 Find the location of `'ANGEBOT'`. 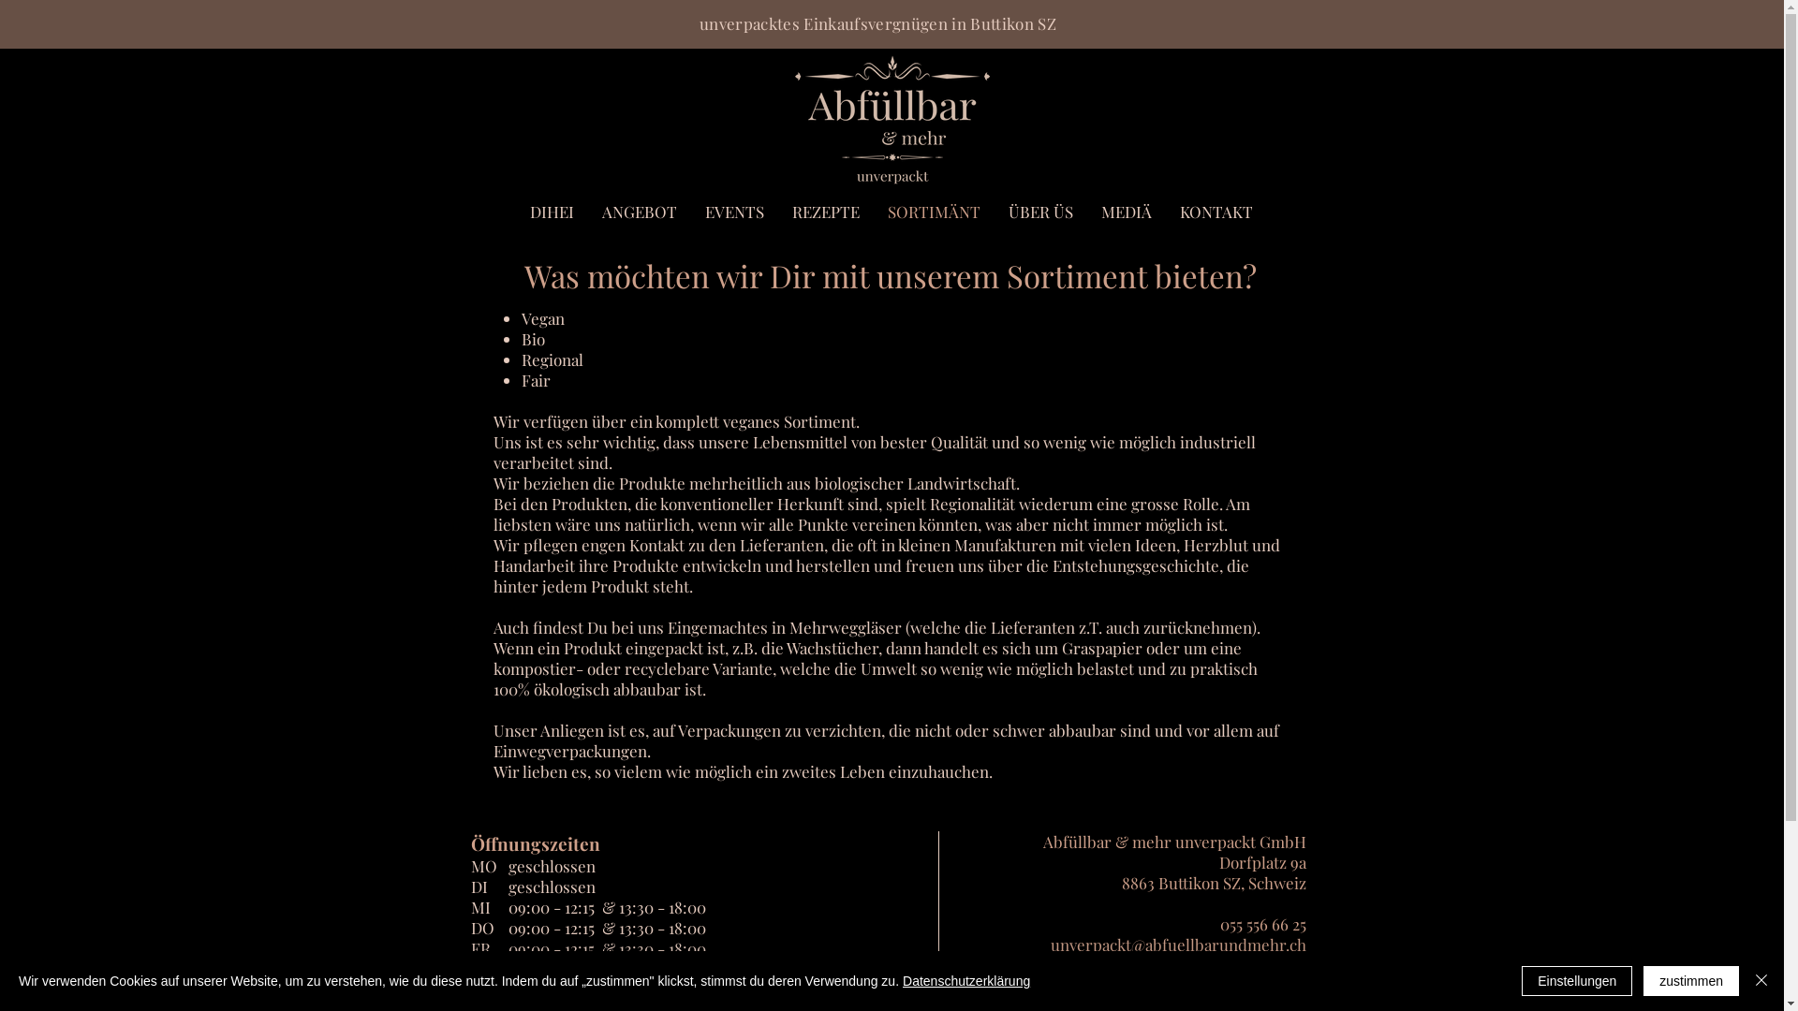

'ANGEBOT' is located at coordinates (587, 211).